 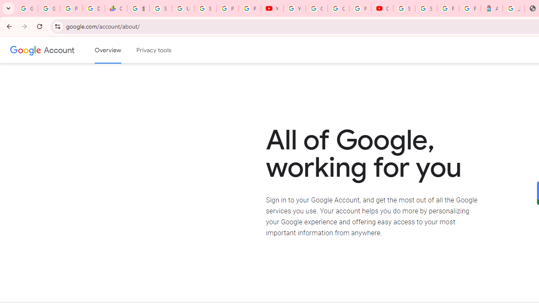 I want to click on 'Google Account Help', so click(x=316, y=8).